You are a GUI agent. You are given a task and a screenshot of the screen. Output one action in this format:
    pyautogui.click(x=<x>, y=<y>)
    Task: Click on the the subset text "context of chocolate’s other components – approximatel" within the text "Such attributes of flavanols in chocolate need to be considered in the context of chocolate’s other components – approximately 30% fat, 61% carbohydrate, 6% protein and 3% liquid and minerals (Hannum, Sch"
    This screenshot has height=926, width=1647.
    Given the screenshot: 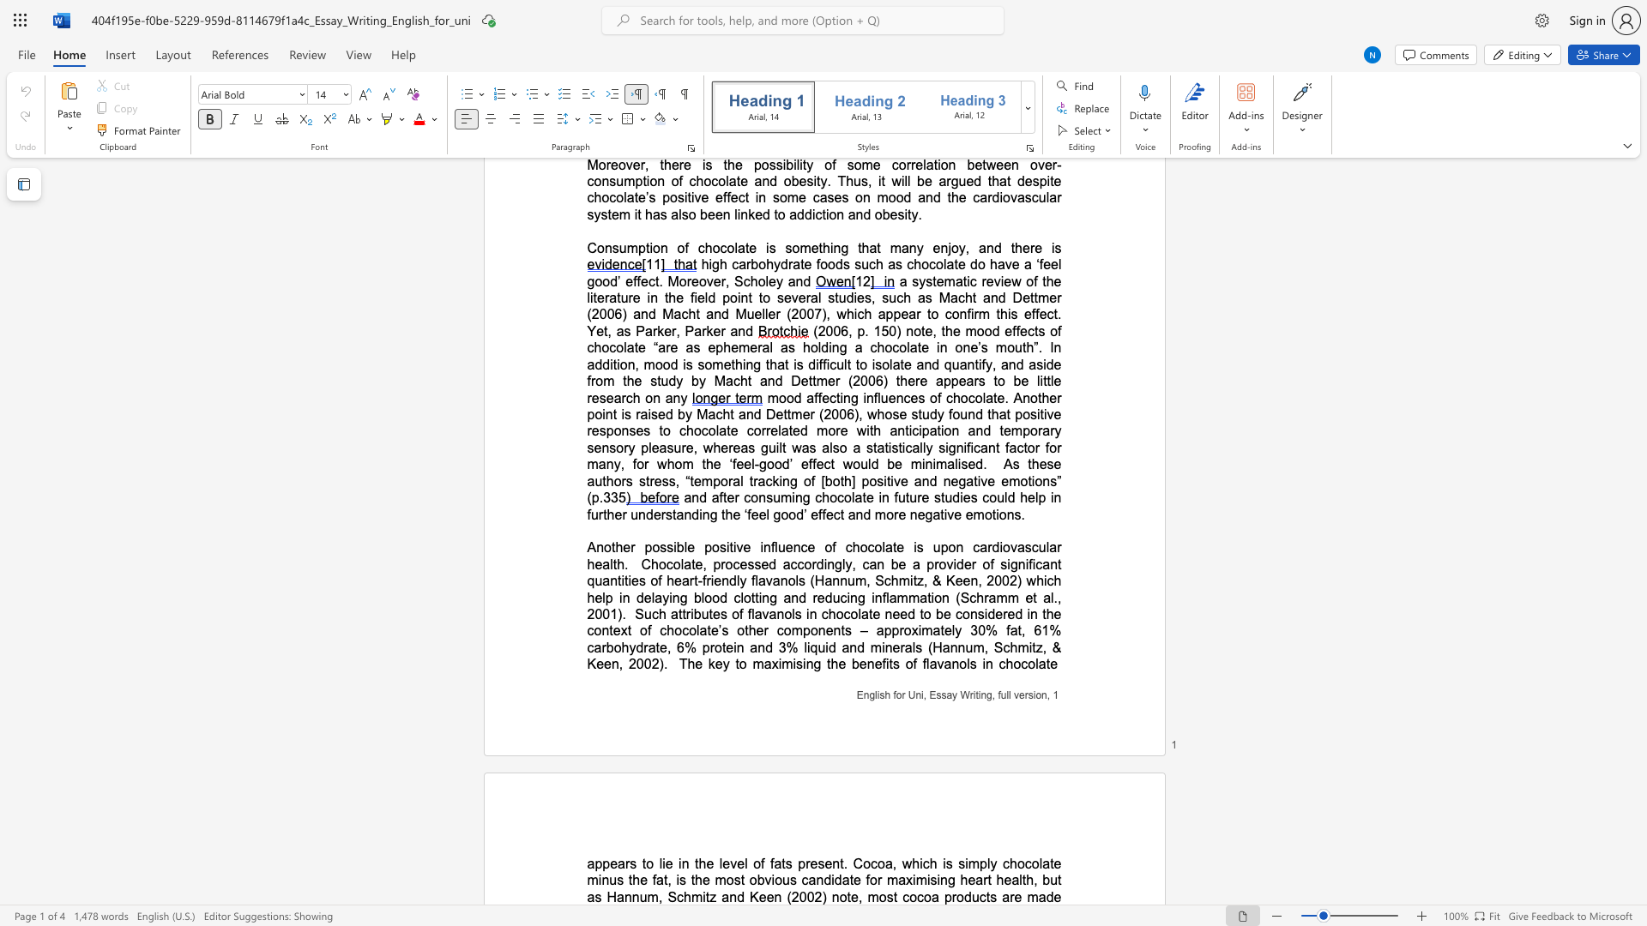 What is the action you would take?
    pyautogui.click(x=587, y=630)
    